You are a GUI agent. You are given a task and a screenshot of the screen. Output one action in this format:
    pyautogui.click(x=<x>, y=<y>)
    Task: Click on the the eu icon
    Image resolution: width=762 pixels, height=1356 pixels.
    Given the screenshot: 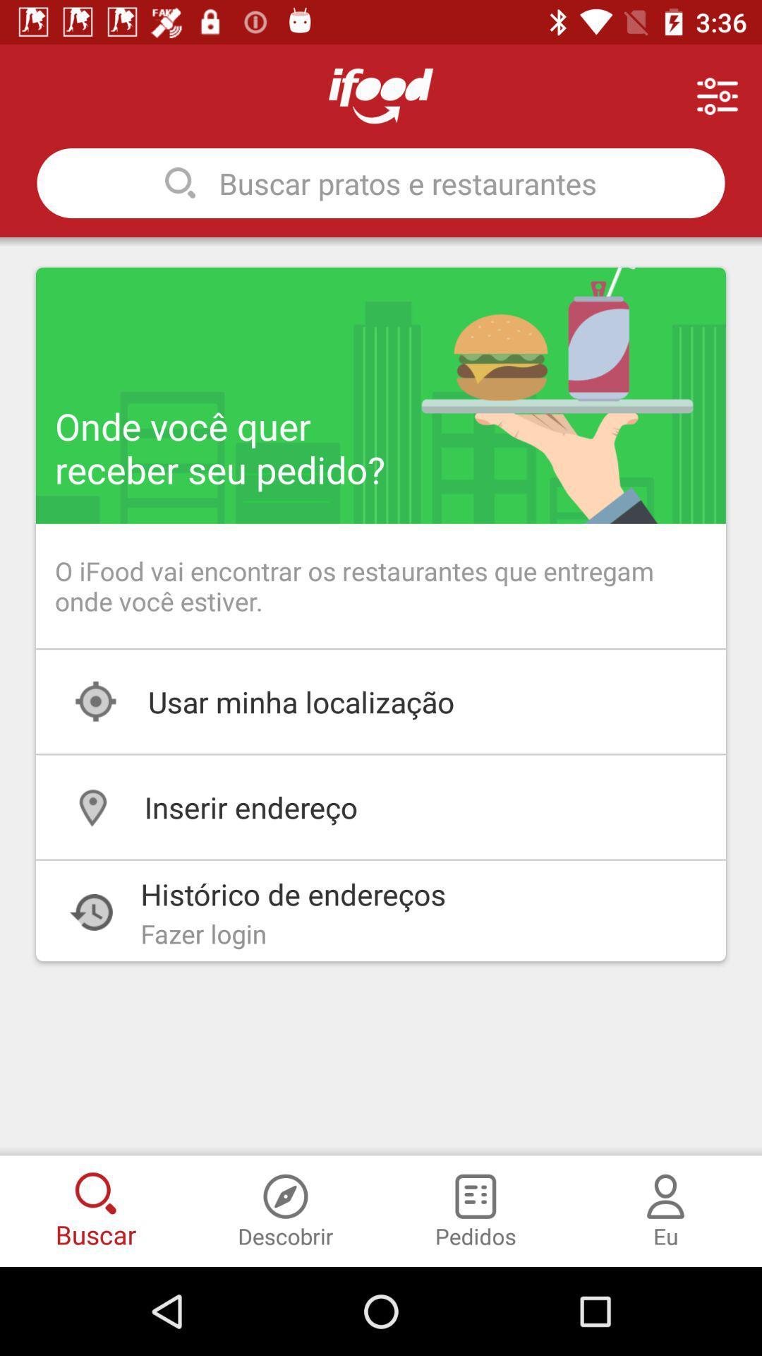 What is the action you would take?
    pyautogui.click(x=665, y=1189)
    